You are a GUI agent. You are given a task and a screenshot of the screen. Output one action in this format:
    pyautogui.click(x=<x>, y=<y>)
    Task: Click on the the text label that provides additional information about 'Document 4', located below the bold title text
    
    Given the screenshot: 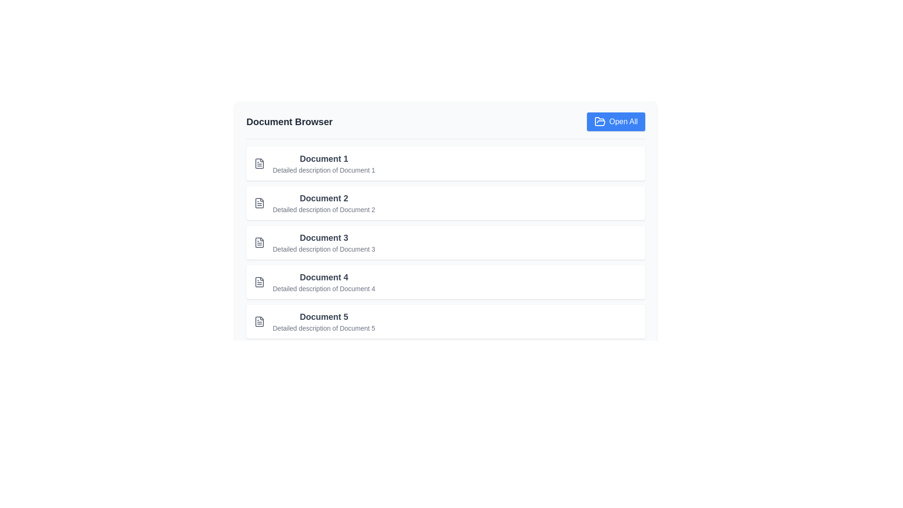 What is the action you would take?
    pyautogui.click(x=324, y=288)
    